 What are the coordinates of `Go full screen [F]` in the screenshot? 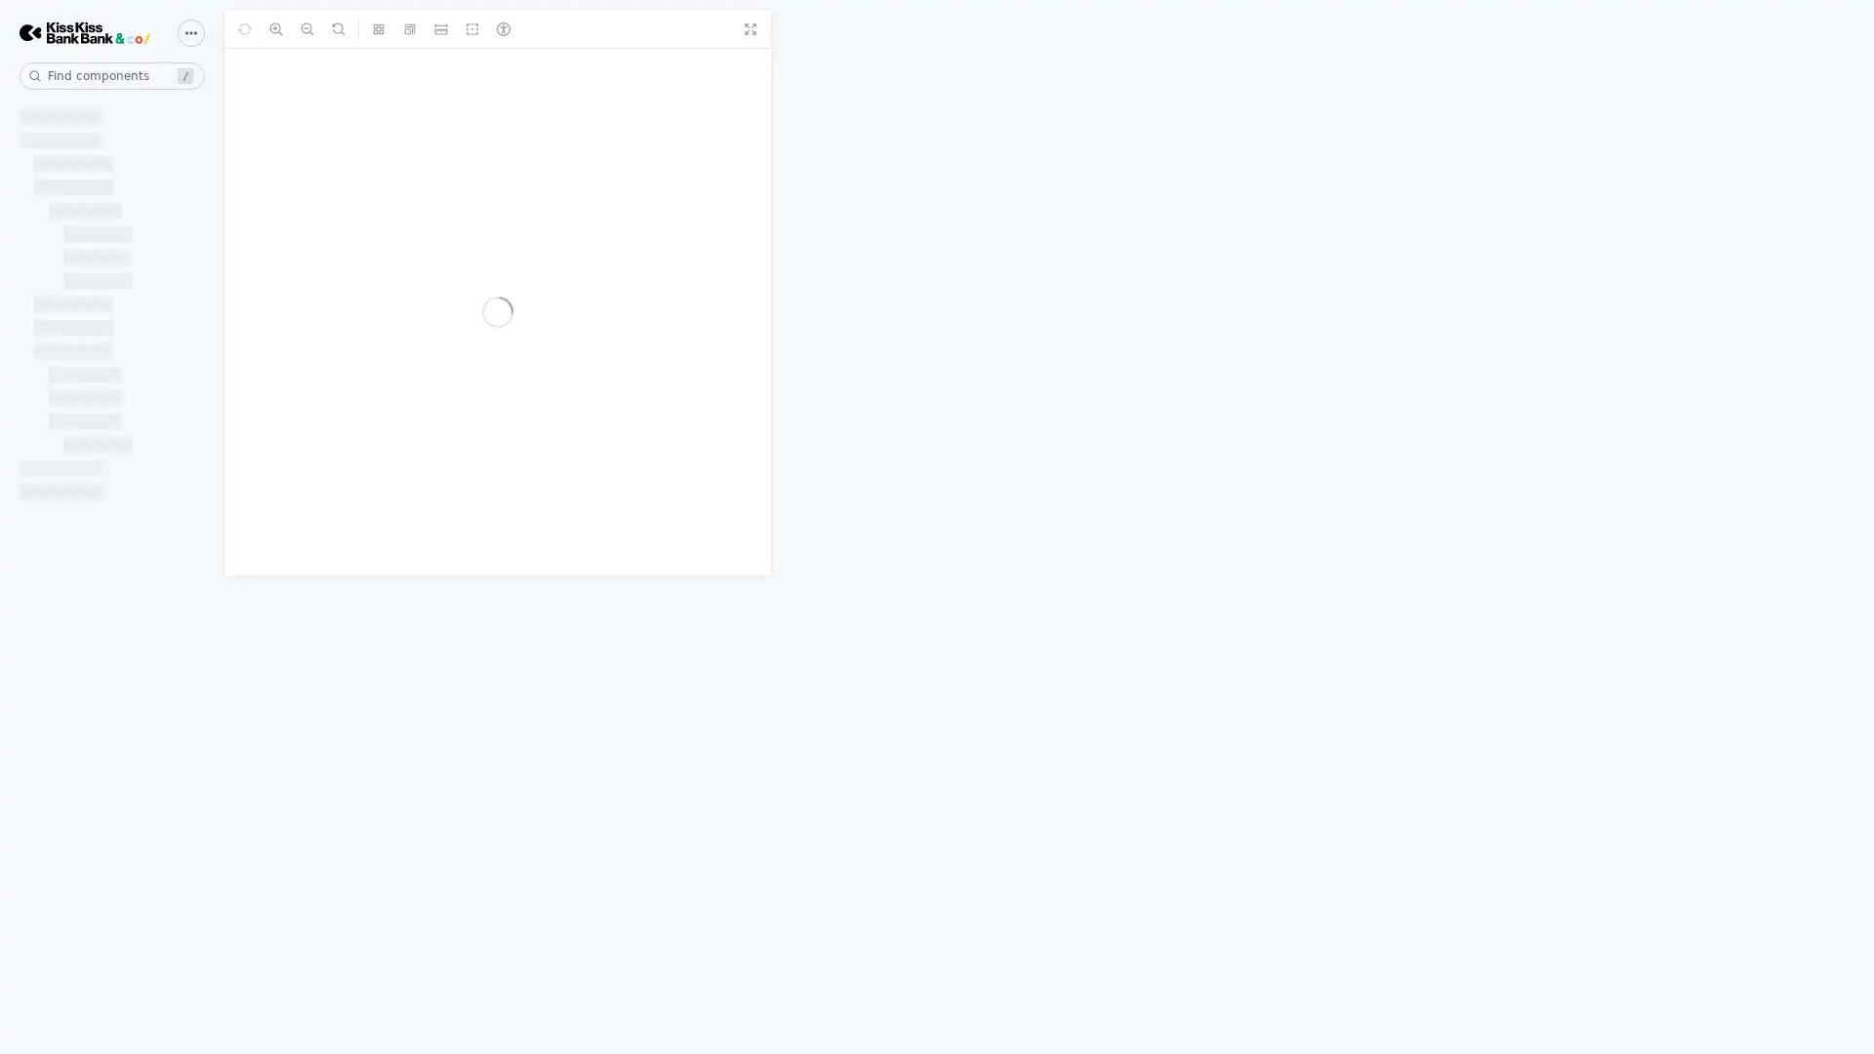 It's located at (1780, 29).